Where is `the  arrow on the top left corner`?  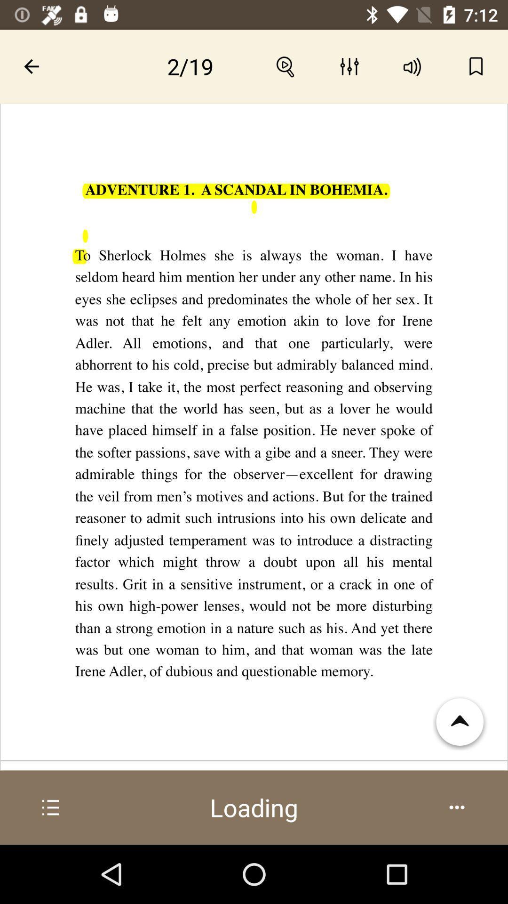
the  arrow on the top left corner is located at coordinates (31, 66).